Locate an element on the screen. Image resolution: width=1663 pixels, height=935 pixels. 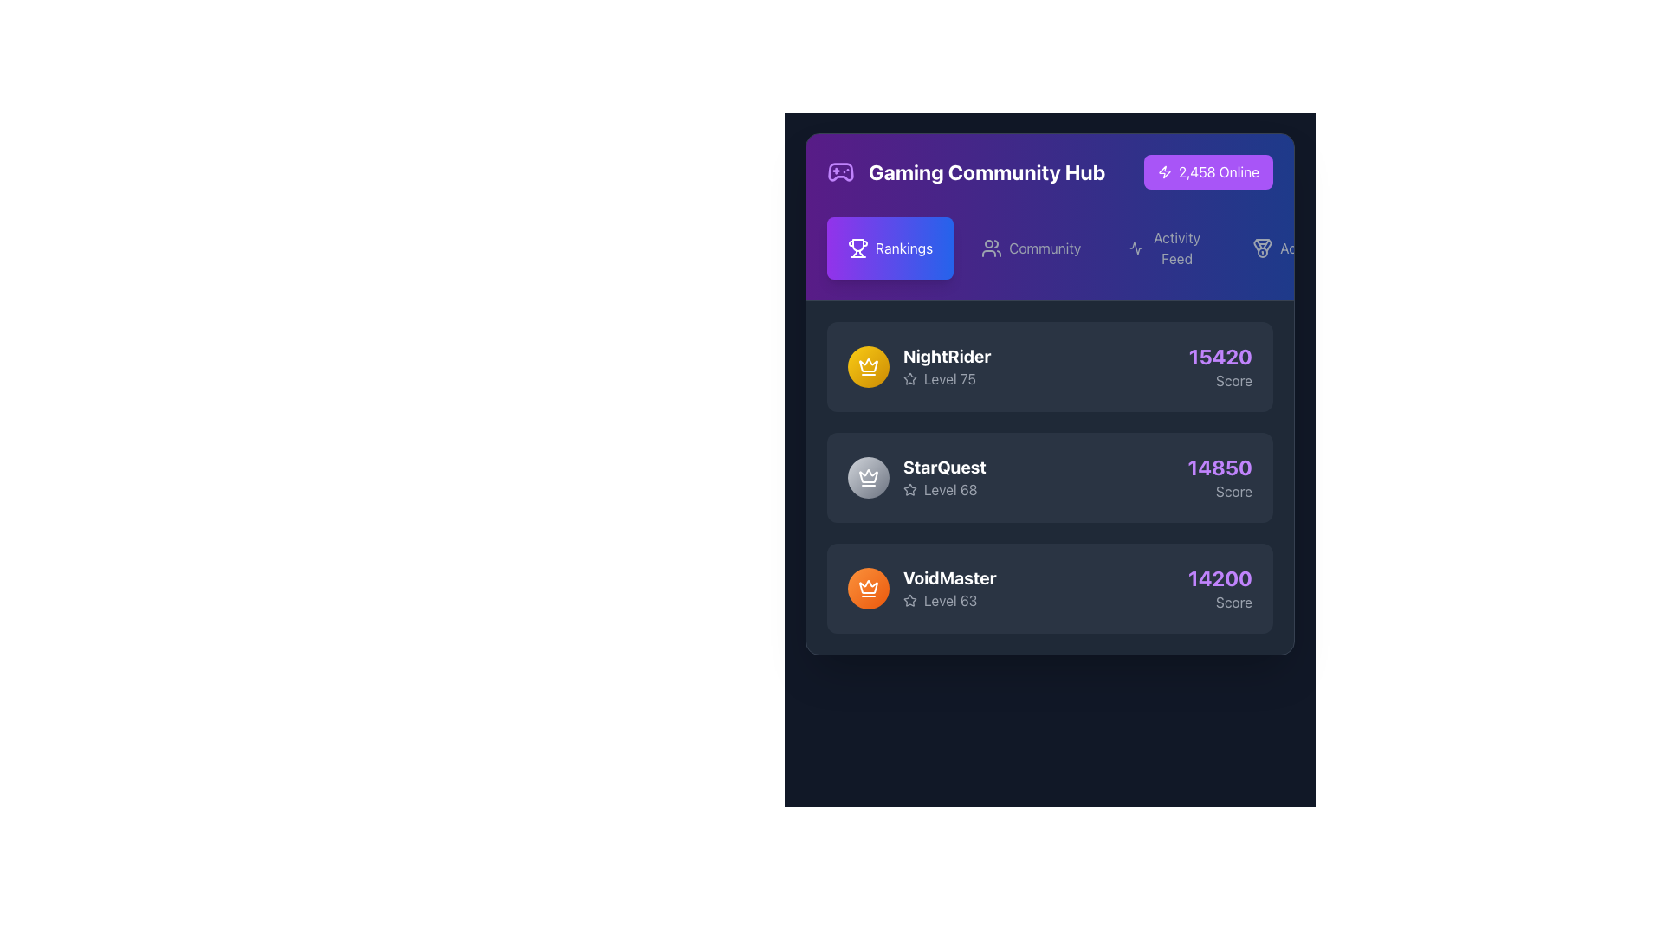
the 'Level 63' text label with a star icon located below the 'VoidMaster' title is located at coordinates (948, 600).